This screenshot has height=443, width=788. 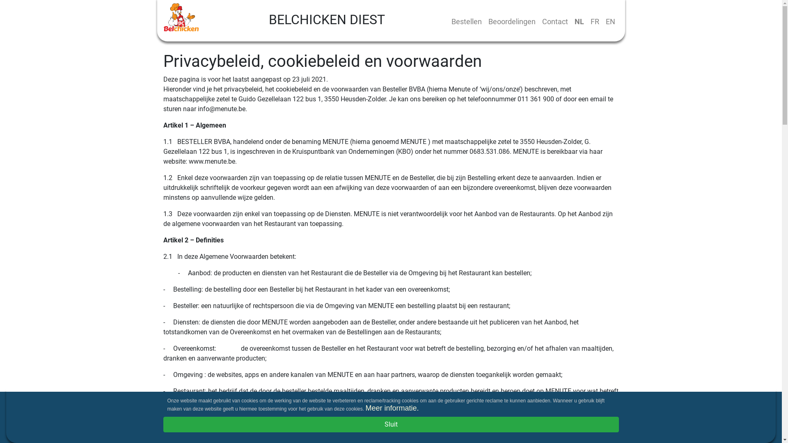 What do you see at coordinates (594, 21) in the screenshot?
I see `'FR'` at bounding box center [594, 21].